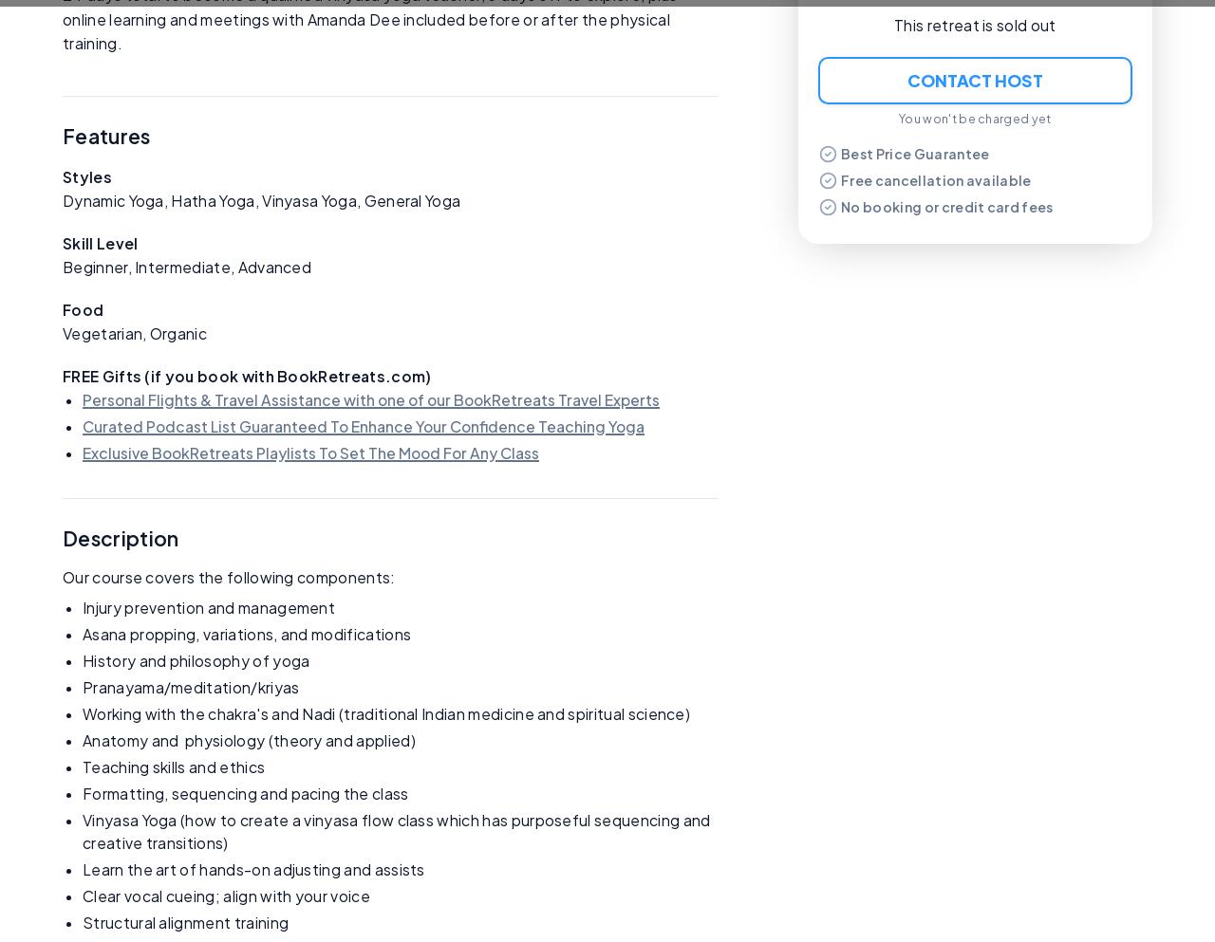  I want to click on 'Injury prevention and management', so click(209, 605).